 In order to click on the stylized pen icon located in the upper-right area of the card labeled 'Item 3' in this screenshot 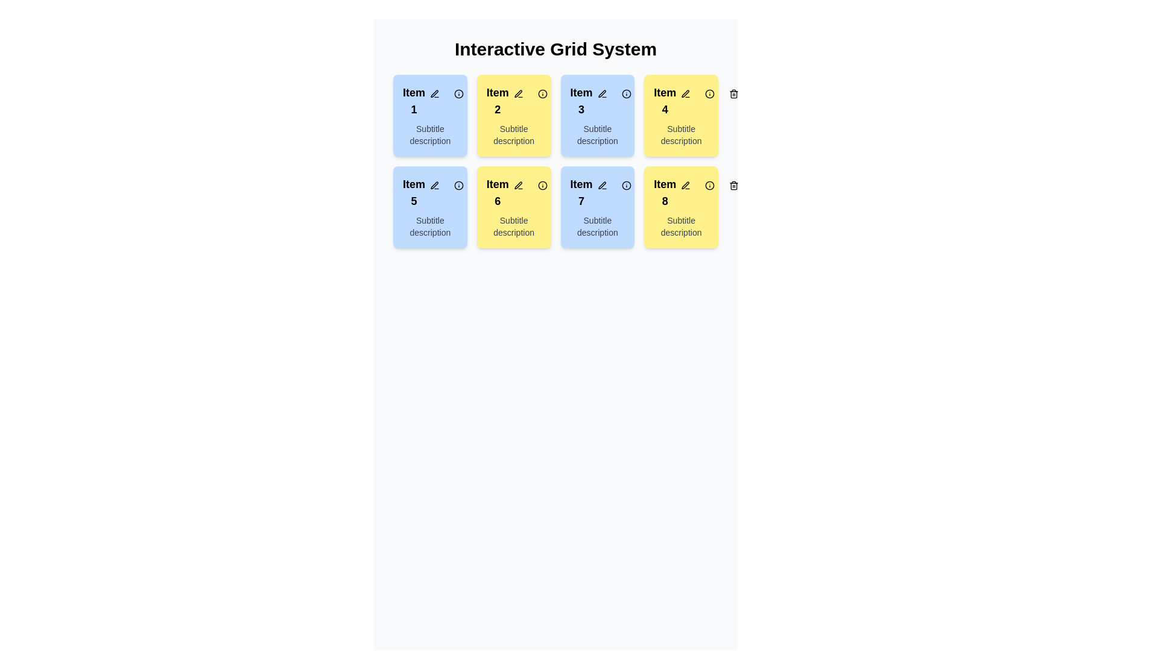, I will do `click(602, 92)`.